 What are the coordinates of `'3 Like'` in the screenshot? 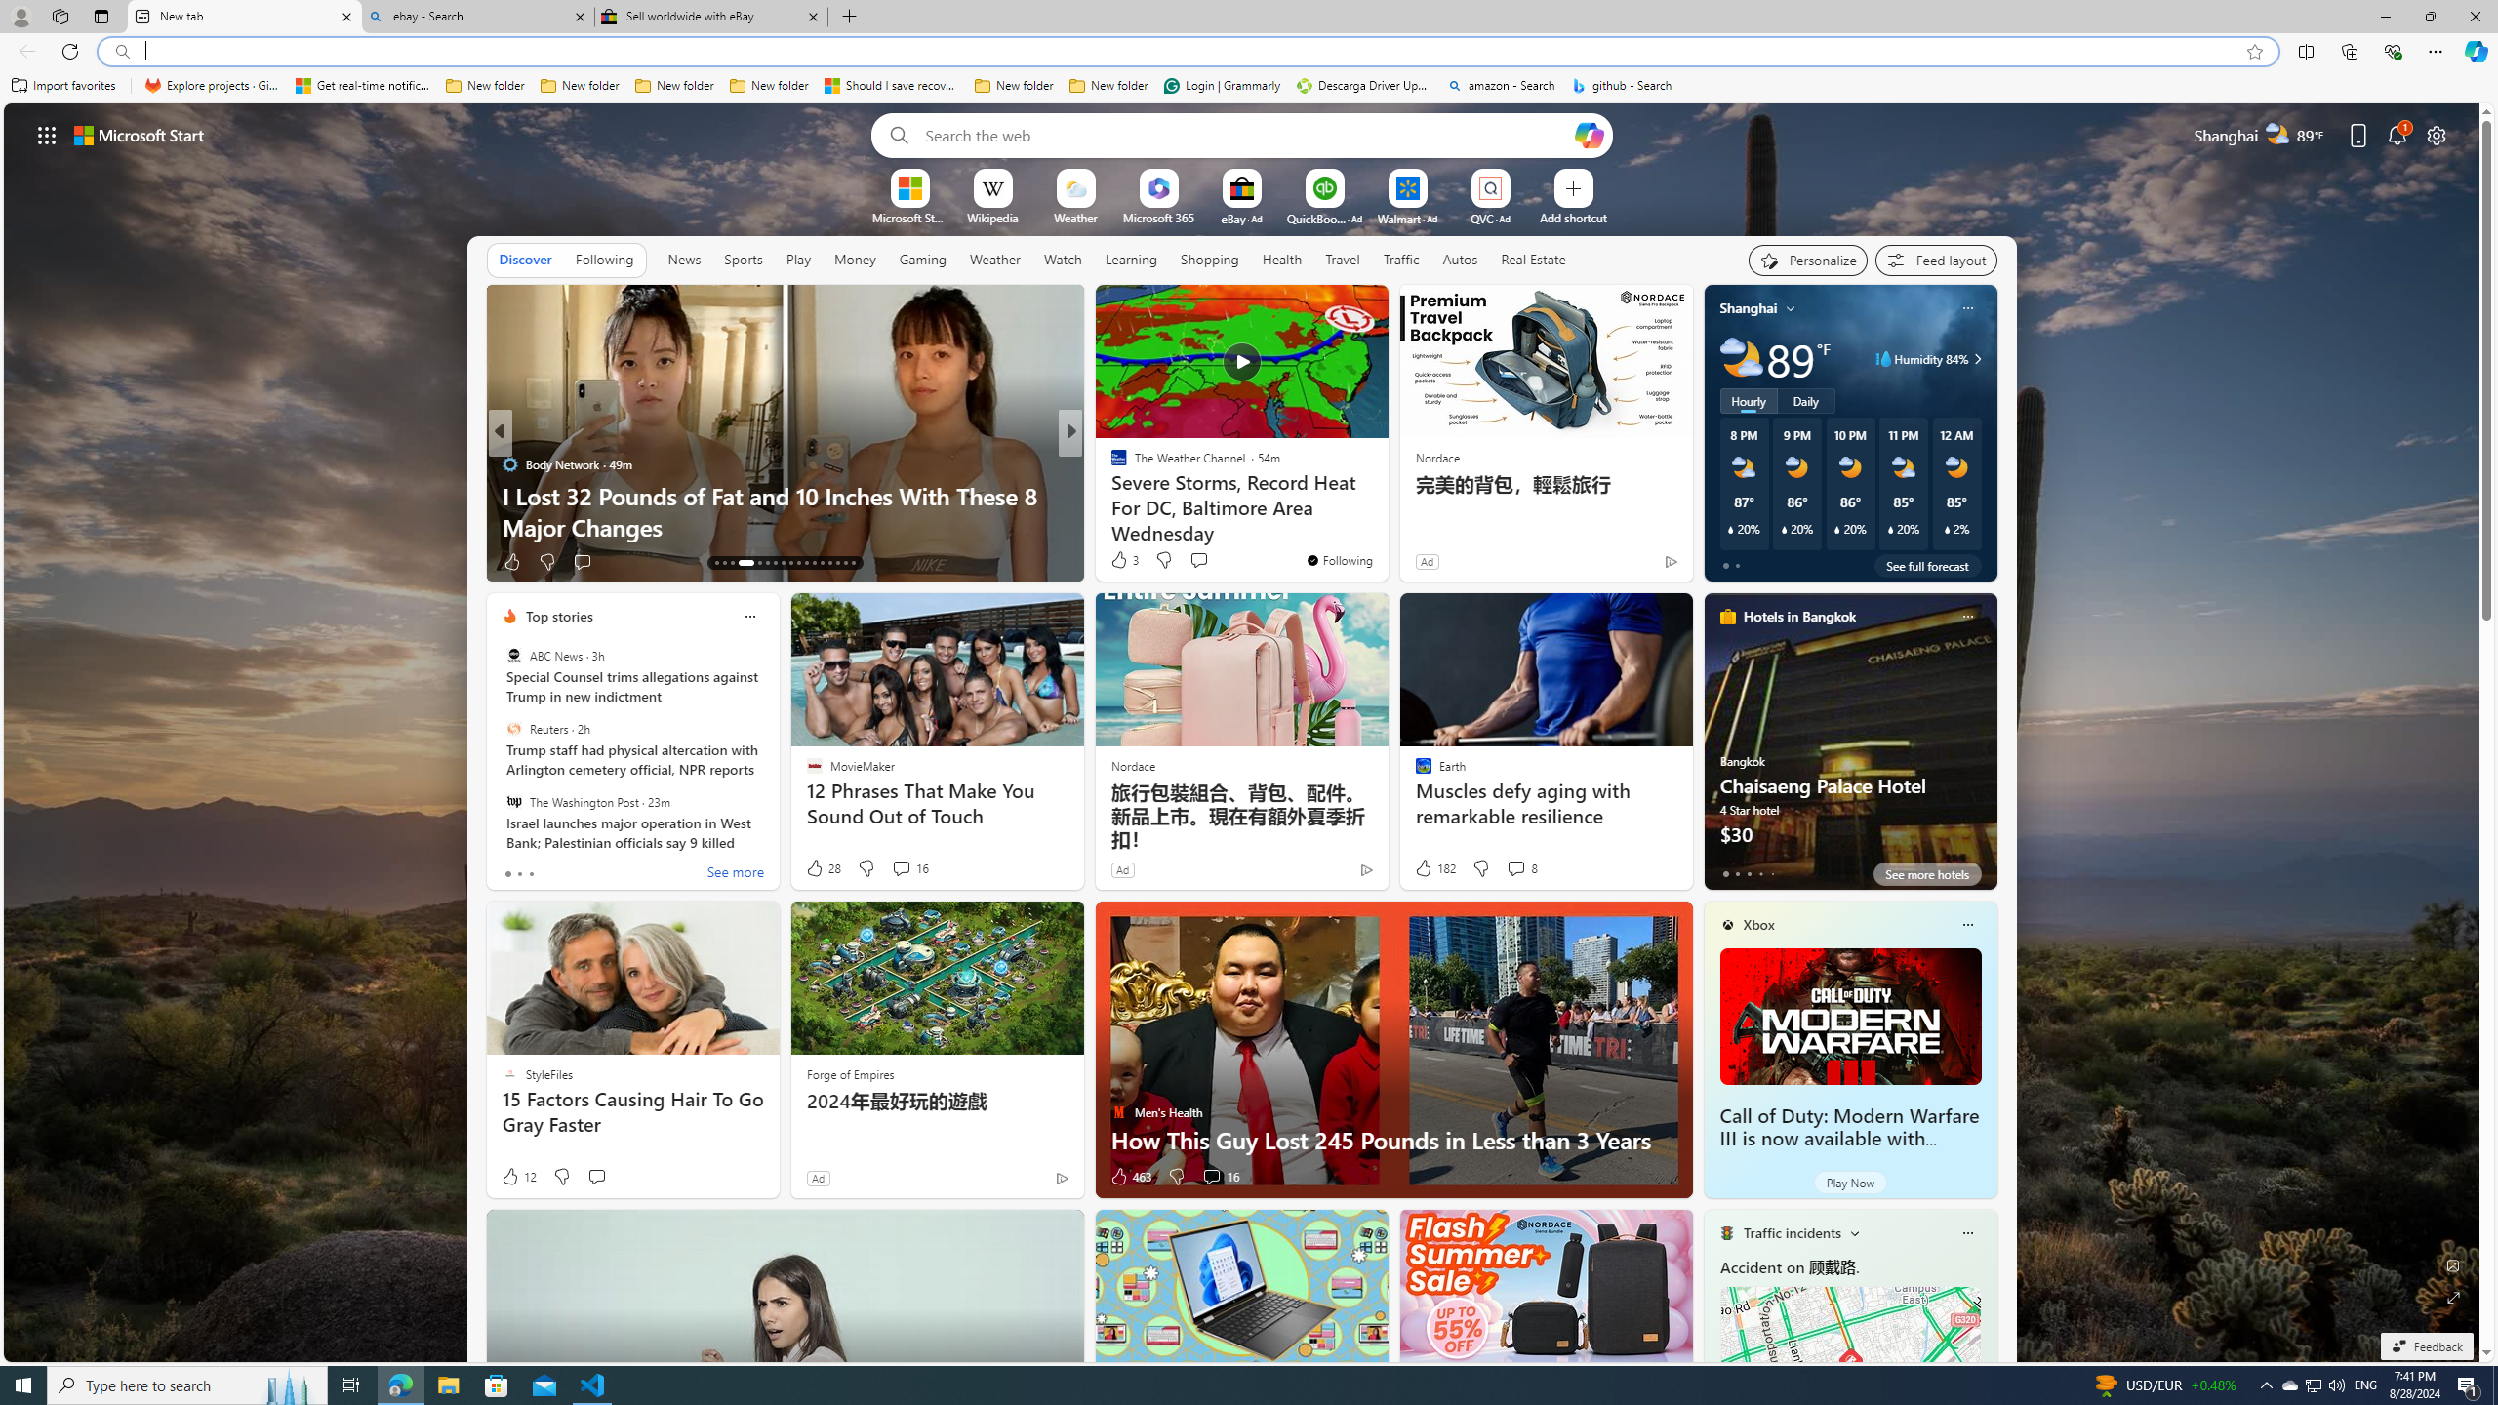 It's located at (1123, 558).